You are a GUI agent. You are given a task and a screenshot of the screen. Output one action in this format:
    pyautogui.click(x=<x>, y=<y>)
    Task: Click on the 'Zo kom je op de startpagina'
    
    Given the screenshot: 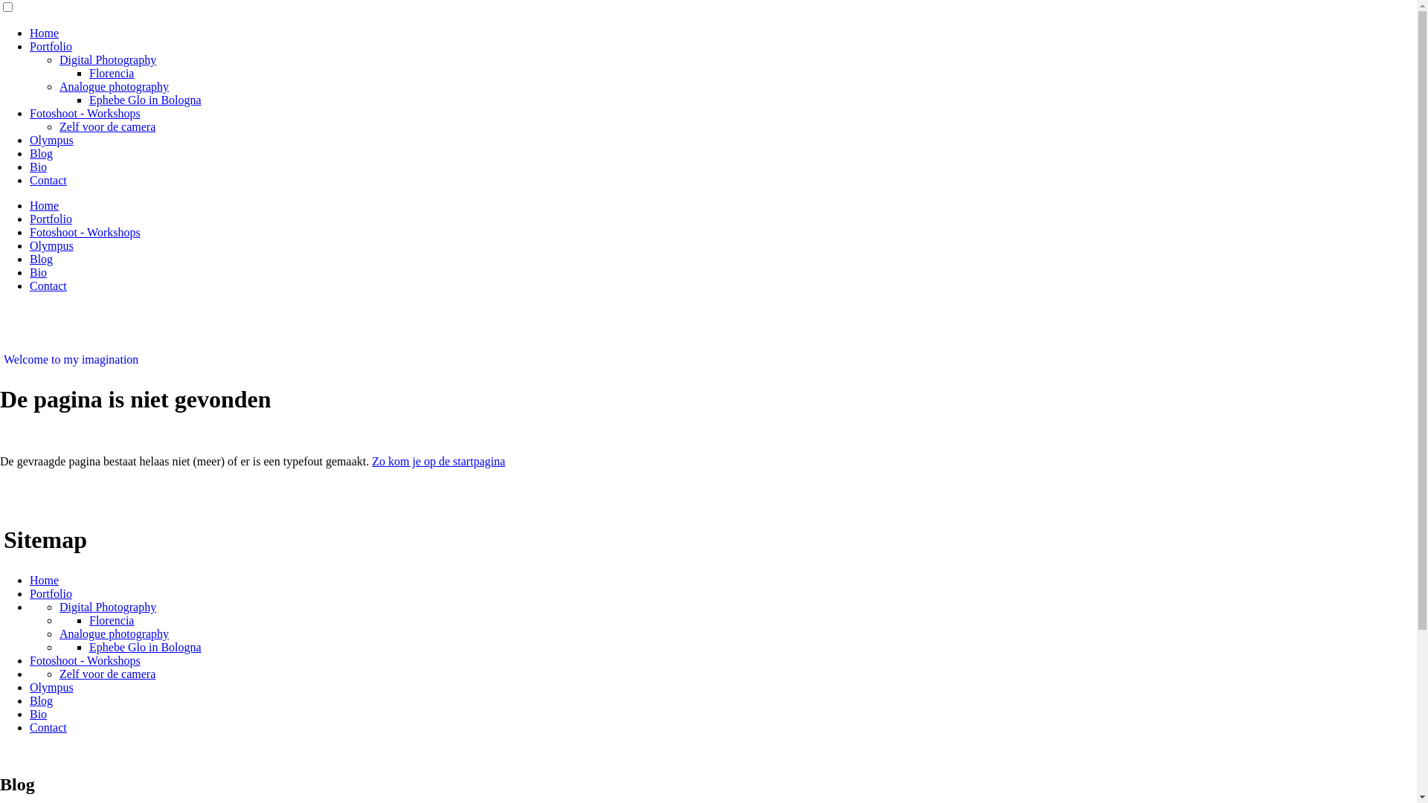 What is the action you would take?
    pyautogui.click(x=437, y=460)
    